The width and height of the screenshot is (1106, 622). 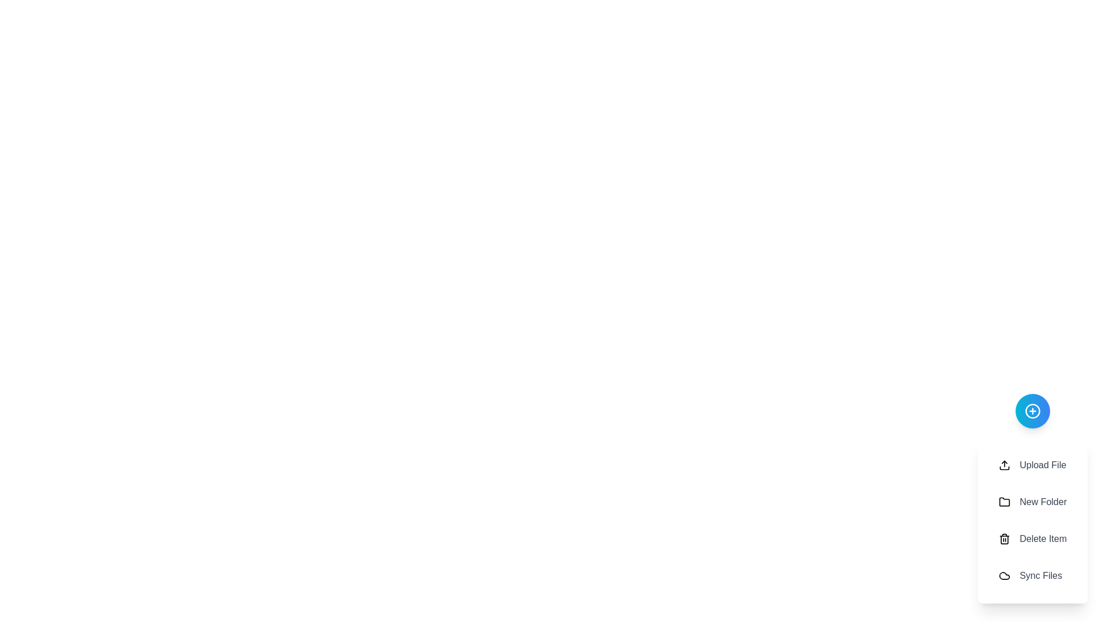 What do you see at coordinates (1033, 539) in the screenshot?
I see `the 'Delete Item' button` at bounding box center [1033, 539].